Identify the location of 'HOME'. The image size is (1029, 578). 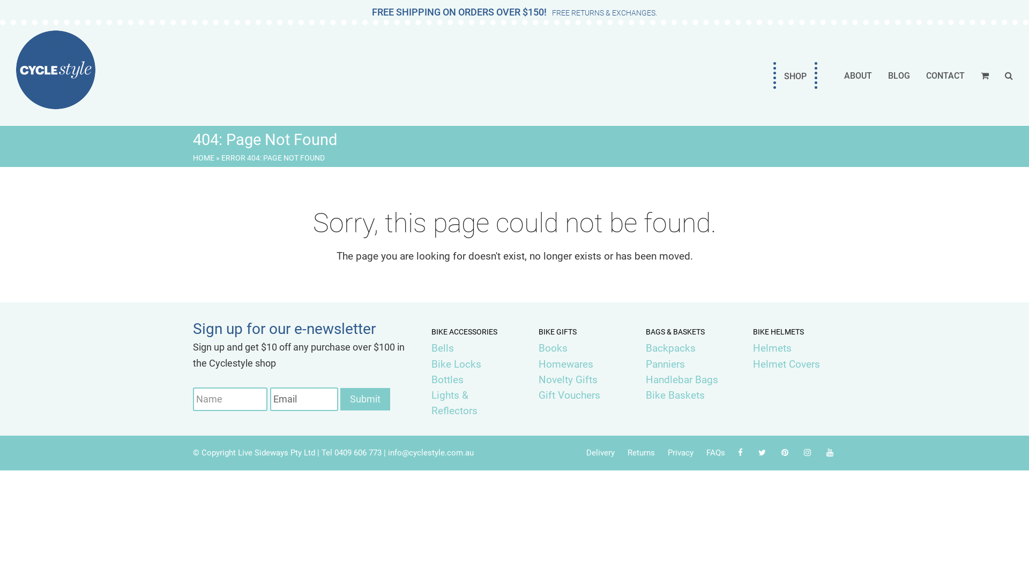
(203, 157).